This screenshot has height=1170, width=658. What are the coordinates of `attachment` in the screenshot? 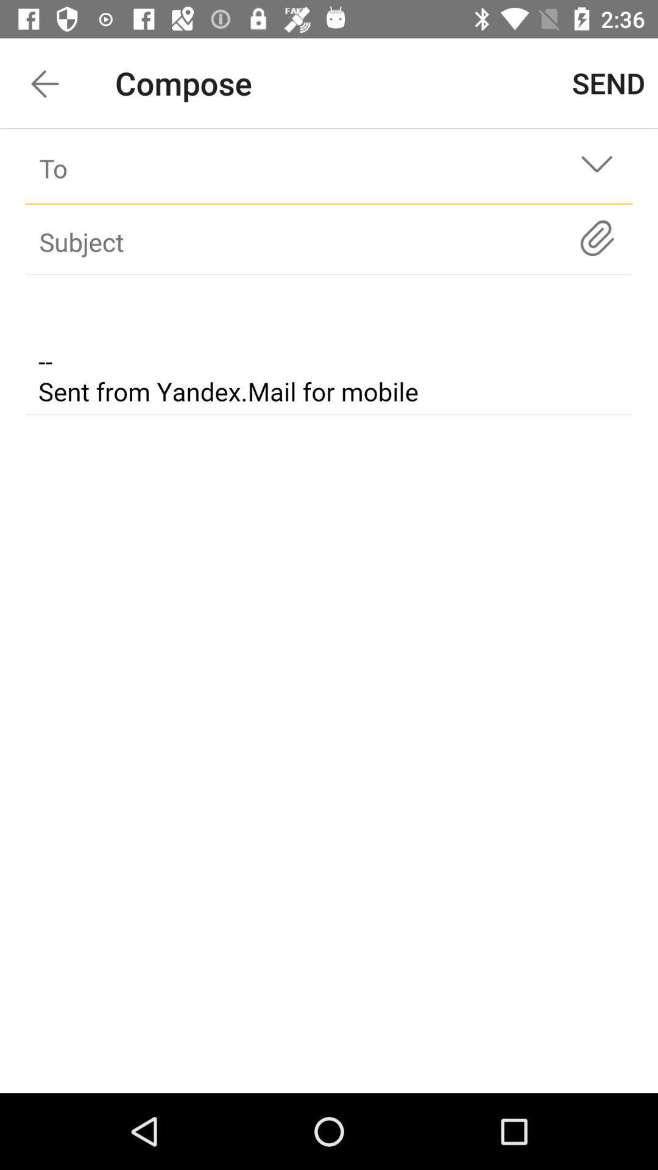 It's located at (596, 238).